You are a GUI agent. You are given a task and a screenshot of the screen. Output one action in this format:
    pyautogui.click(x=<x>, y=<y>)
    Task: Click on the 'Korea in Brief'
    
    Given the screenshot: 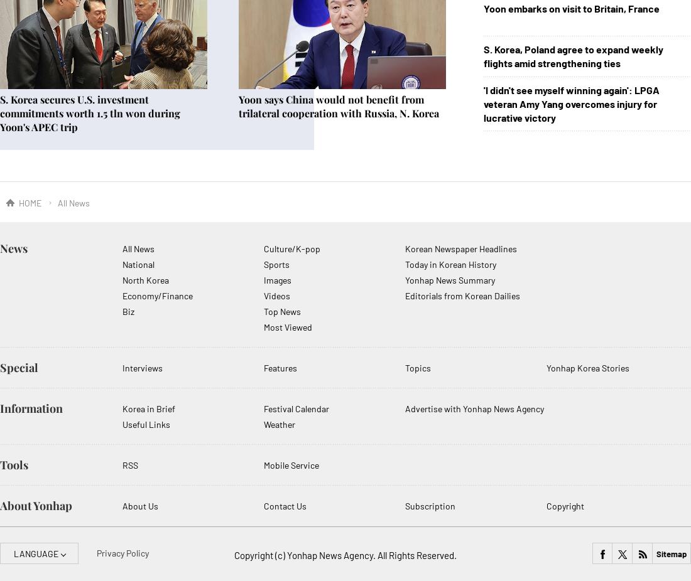 What is the action you would take?
    pyautogui.click(x=149, y=408)
    